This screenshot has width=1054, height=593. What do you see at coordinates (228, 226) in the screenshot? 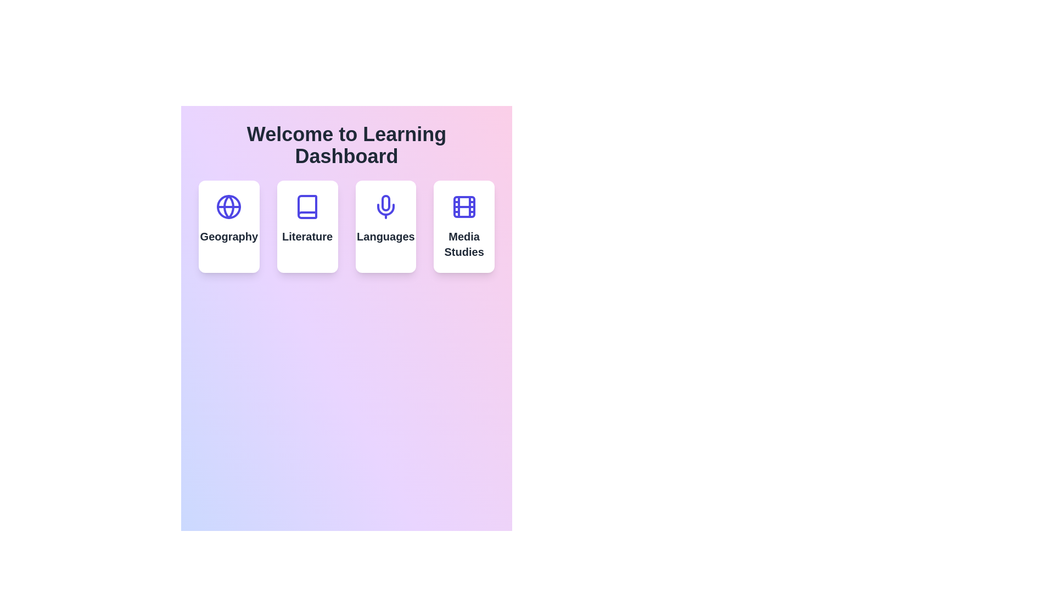
I see `the 'Geography' card, which is a selectable button-like card with a globe icon and bold black text` at bounding box center [228, 226].